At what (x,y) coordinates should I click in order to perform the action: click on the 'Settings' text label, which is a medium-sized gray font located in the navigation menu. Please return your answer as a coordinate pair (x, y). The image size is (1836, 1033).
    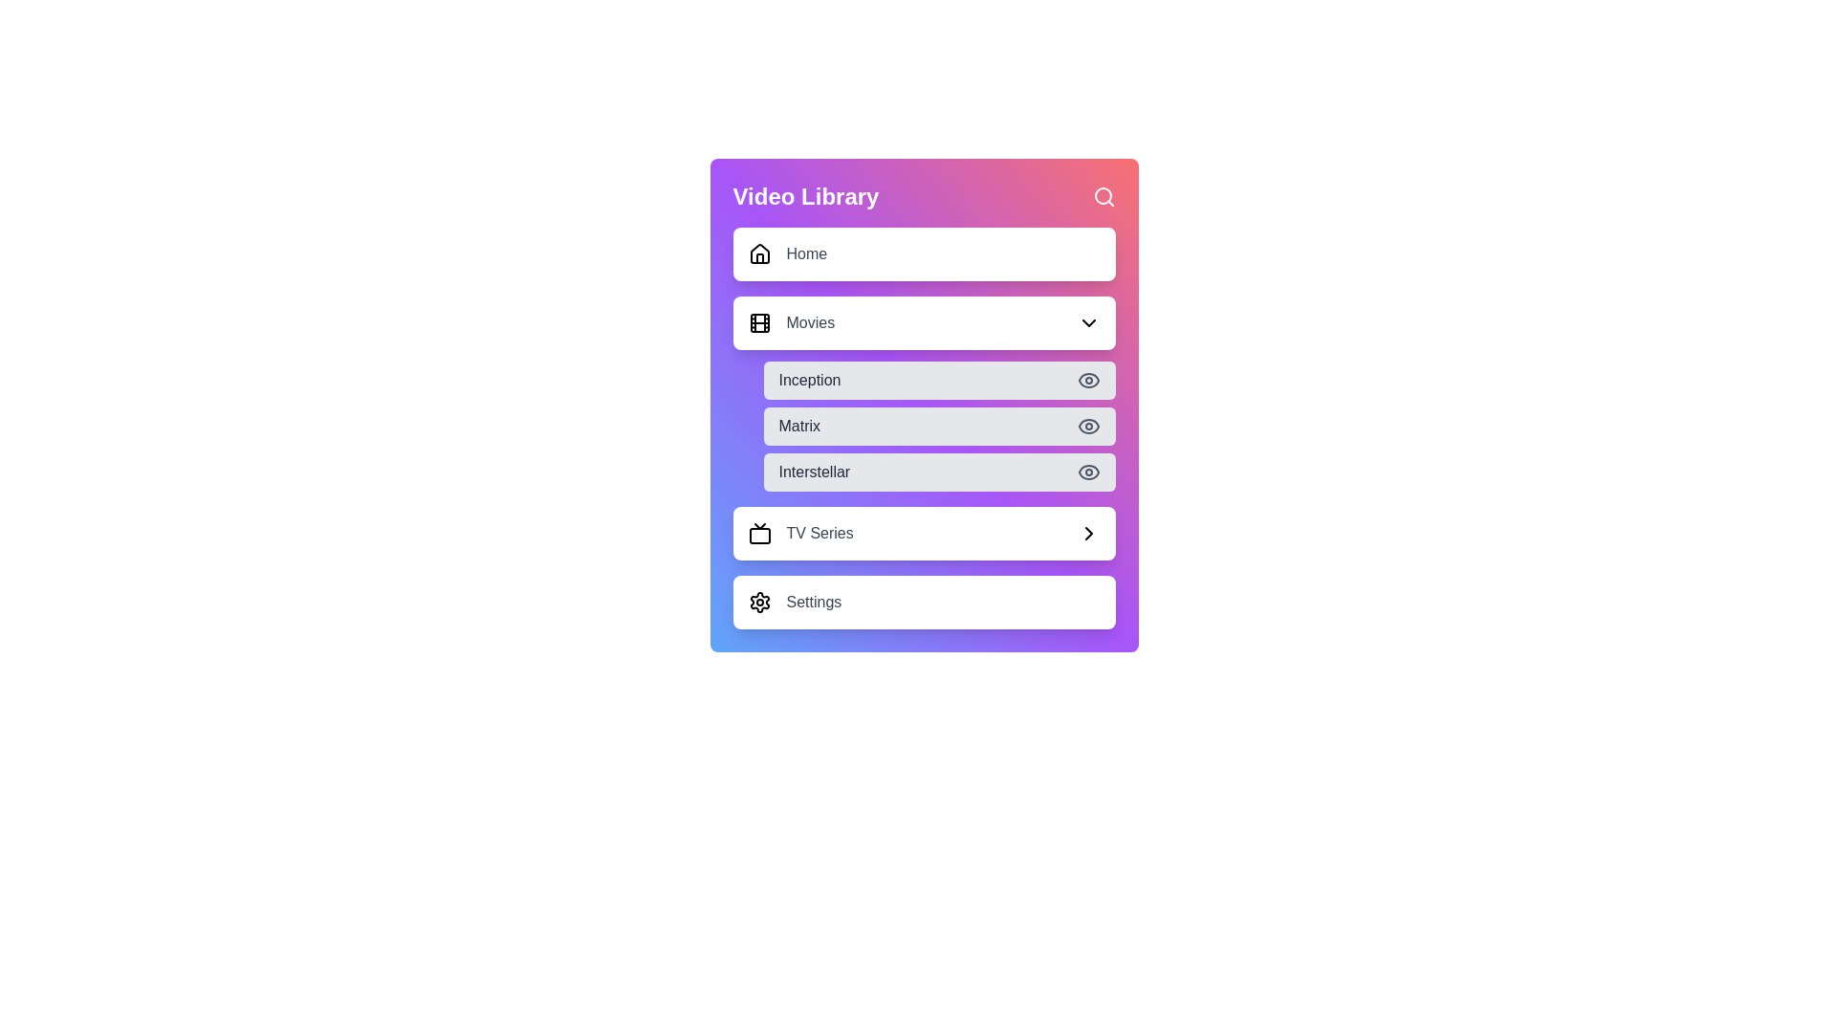
    Looking at the image, I should click on (814, 601).